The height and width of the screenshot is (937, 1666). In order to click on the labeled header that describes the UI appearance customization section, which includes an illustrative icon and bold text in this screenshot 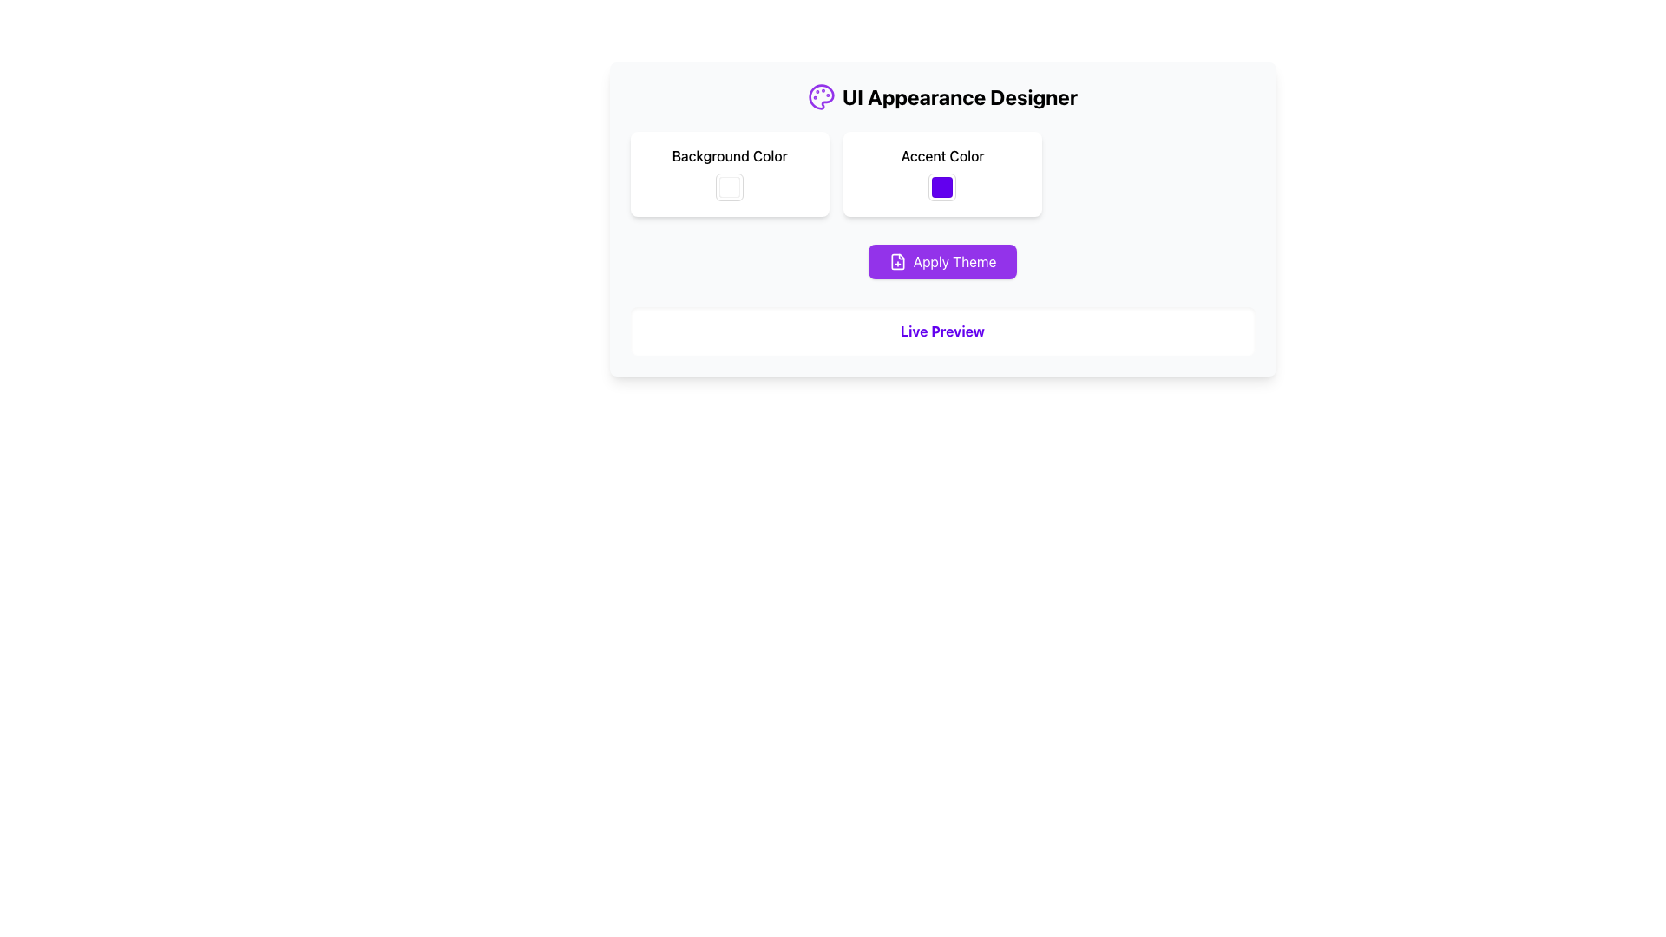, I will do `click(941, 96)`.